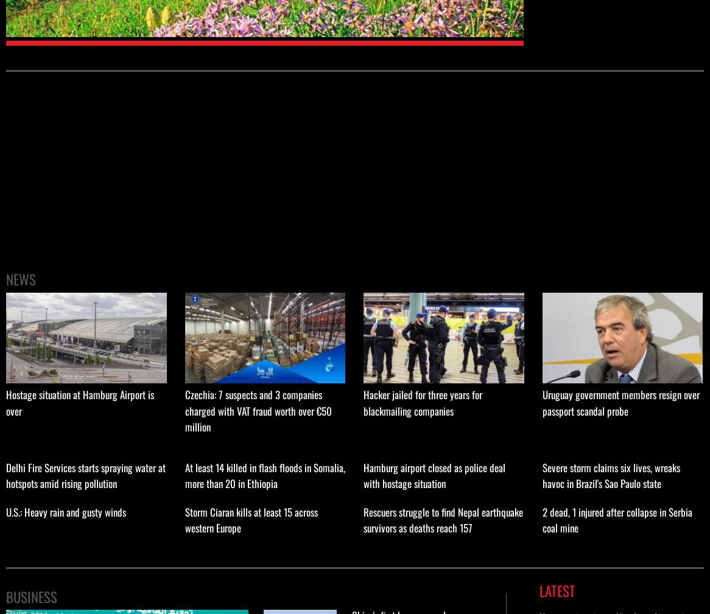 The image size is (710, 614). Describe the element at coordinates (264, 475) in the screenshot. I see `'At least 14 killed in flash floods in Somalia, more than 20 in Ethiopia'` at that location.